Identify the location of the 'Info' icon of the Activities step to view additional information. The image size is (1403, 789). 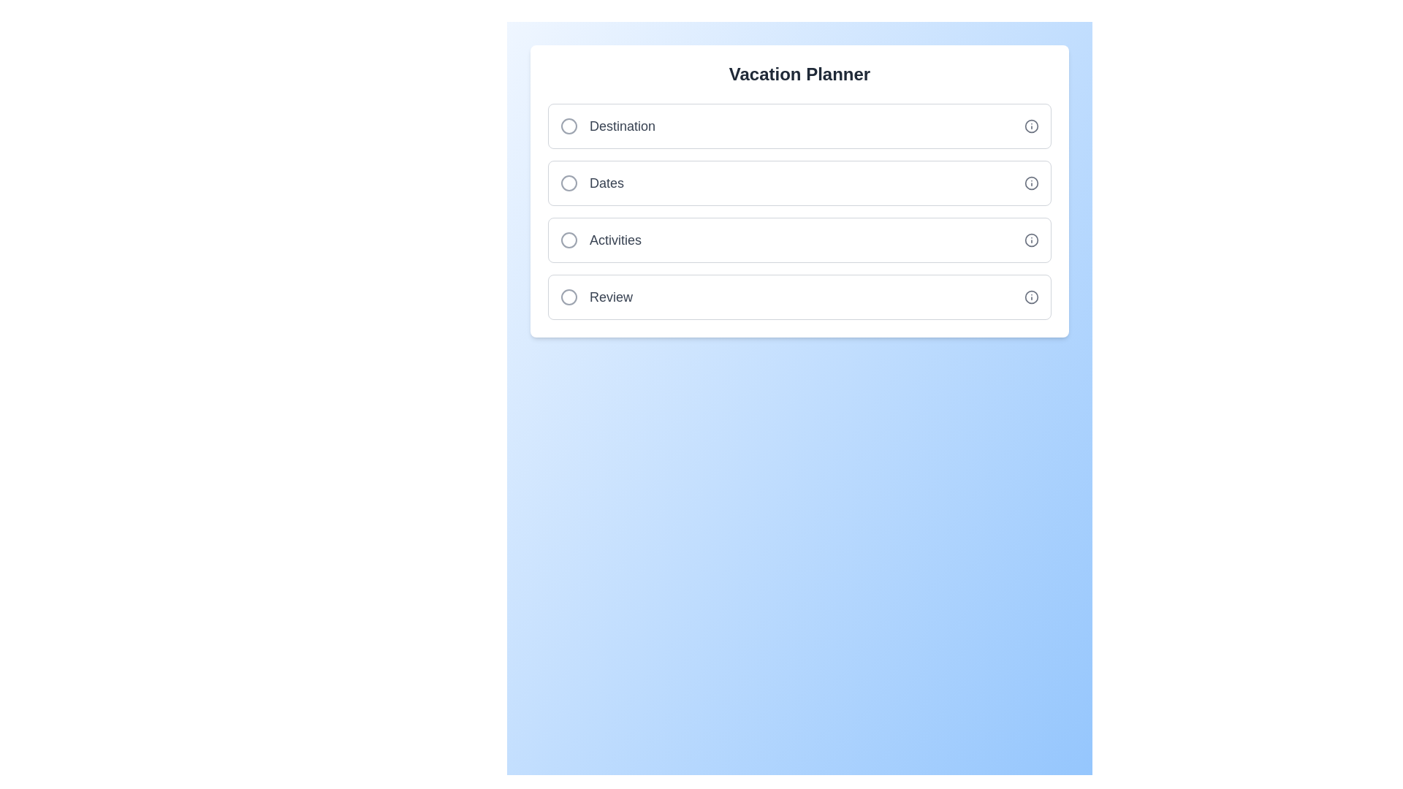
(1030, 239).